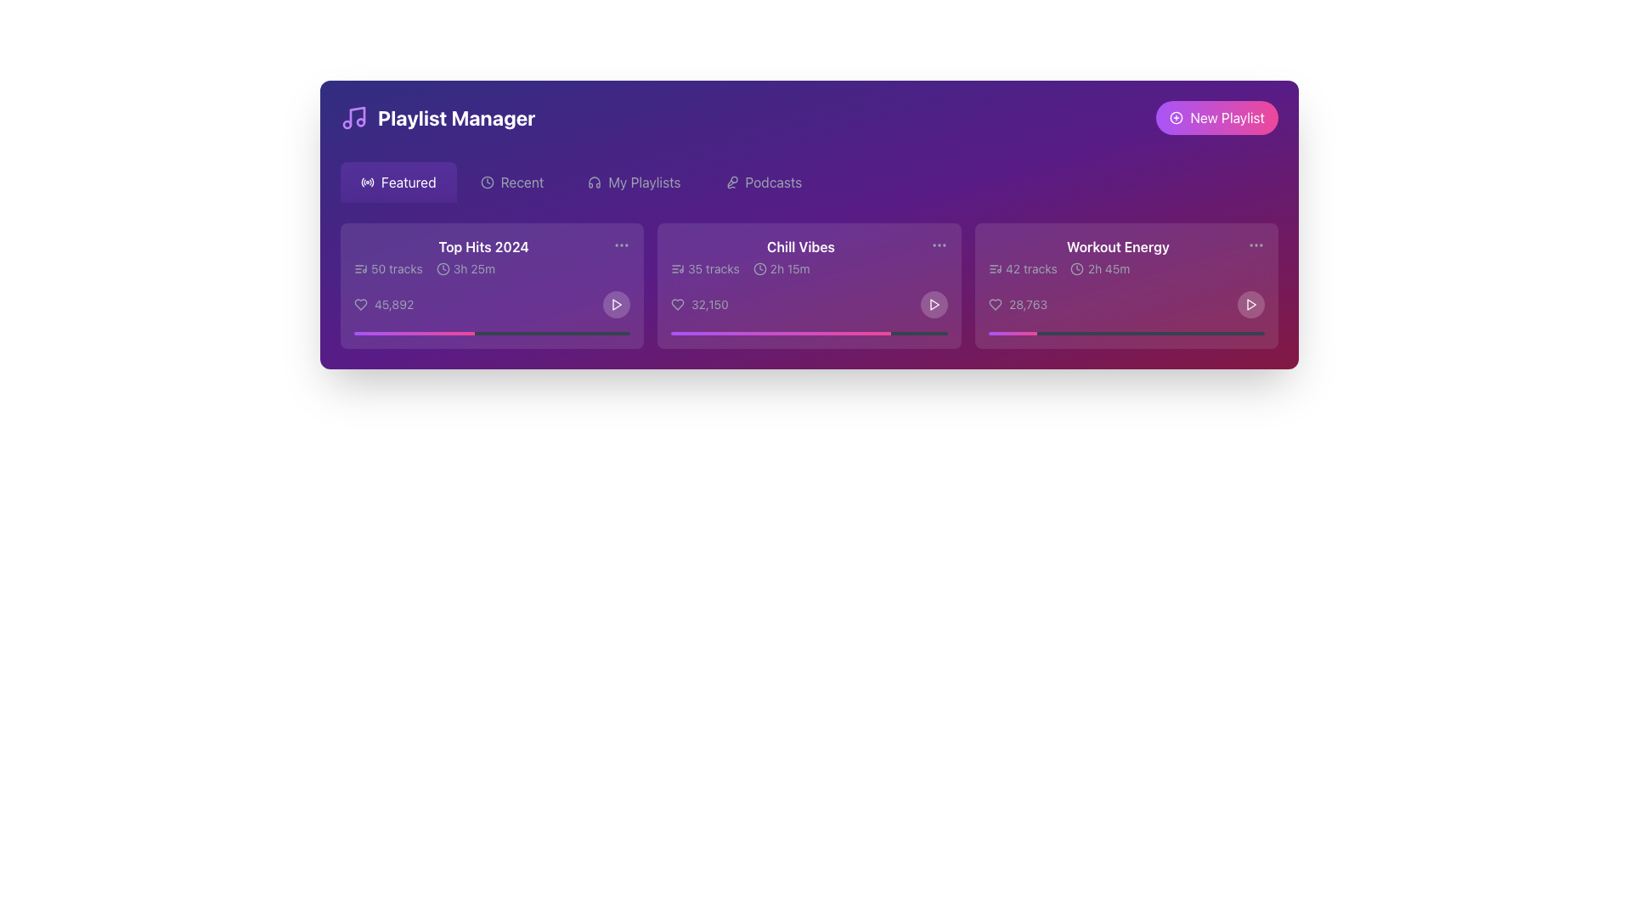 The image size is (1631, 917). Describe the element at coordinates (799, 246) in the screenshot. I see `the text label that serves as the title of the playlist, located at the top of the middle card in a horizontal arrangement of playlist cards` at that location.